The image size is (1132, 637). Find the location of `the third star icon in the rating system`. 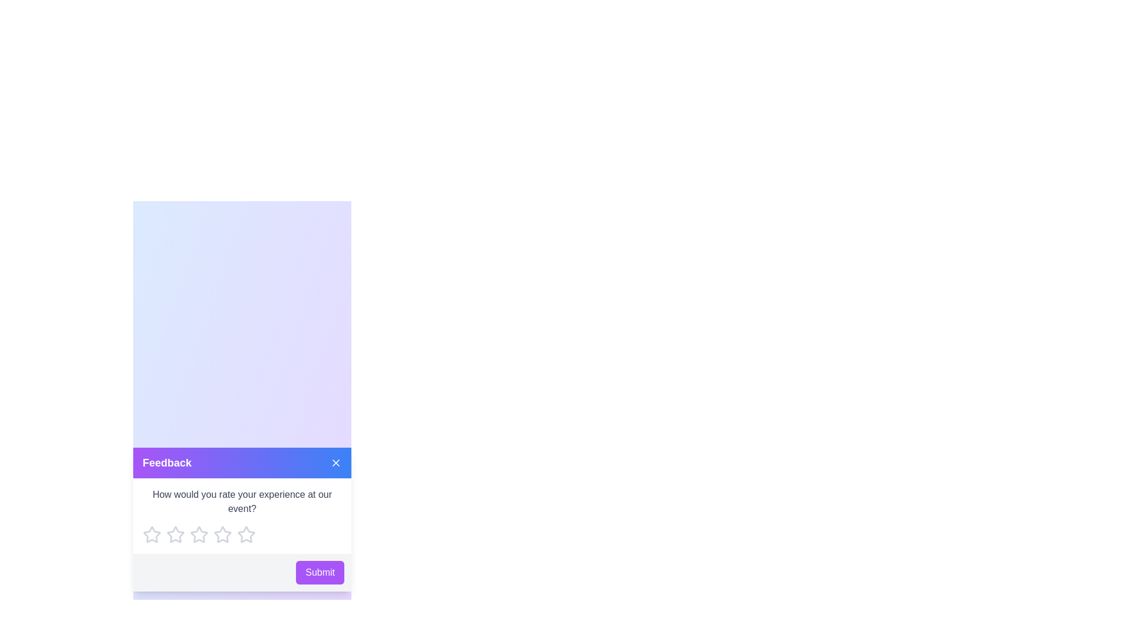

the third star icon in the rating system is located at coordinates (223, 534).